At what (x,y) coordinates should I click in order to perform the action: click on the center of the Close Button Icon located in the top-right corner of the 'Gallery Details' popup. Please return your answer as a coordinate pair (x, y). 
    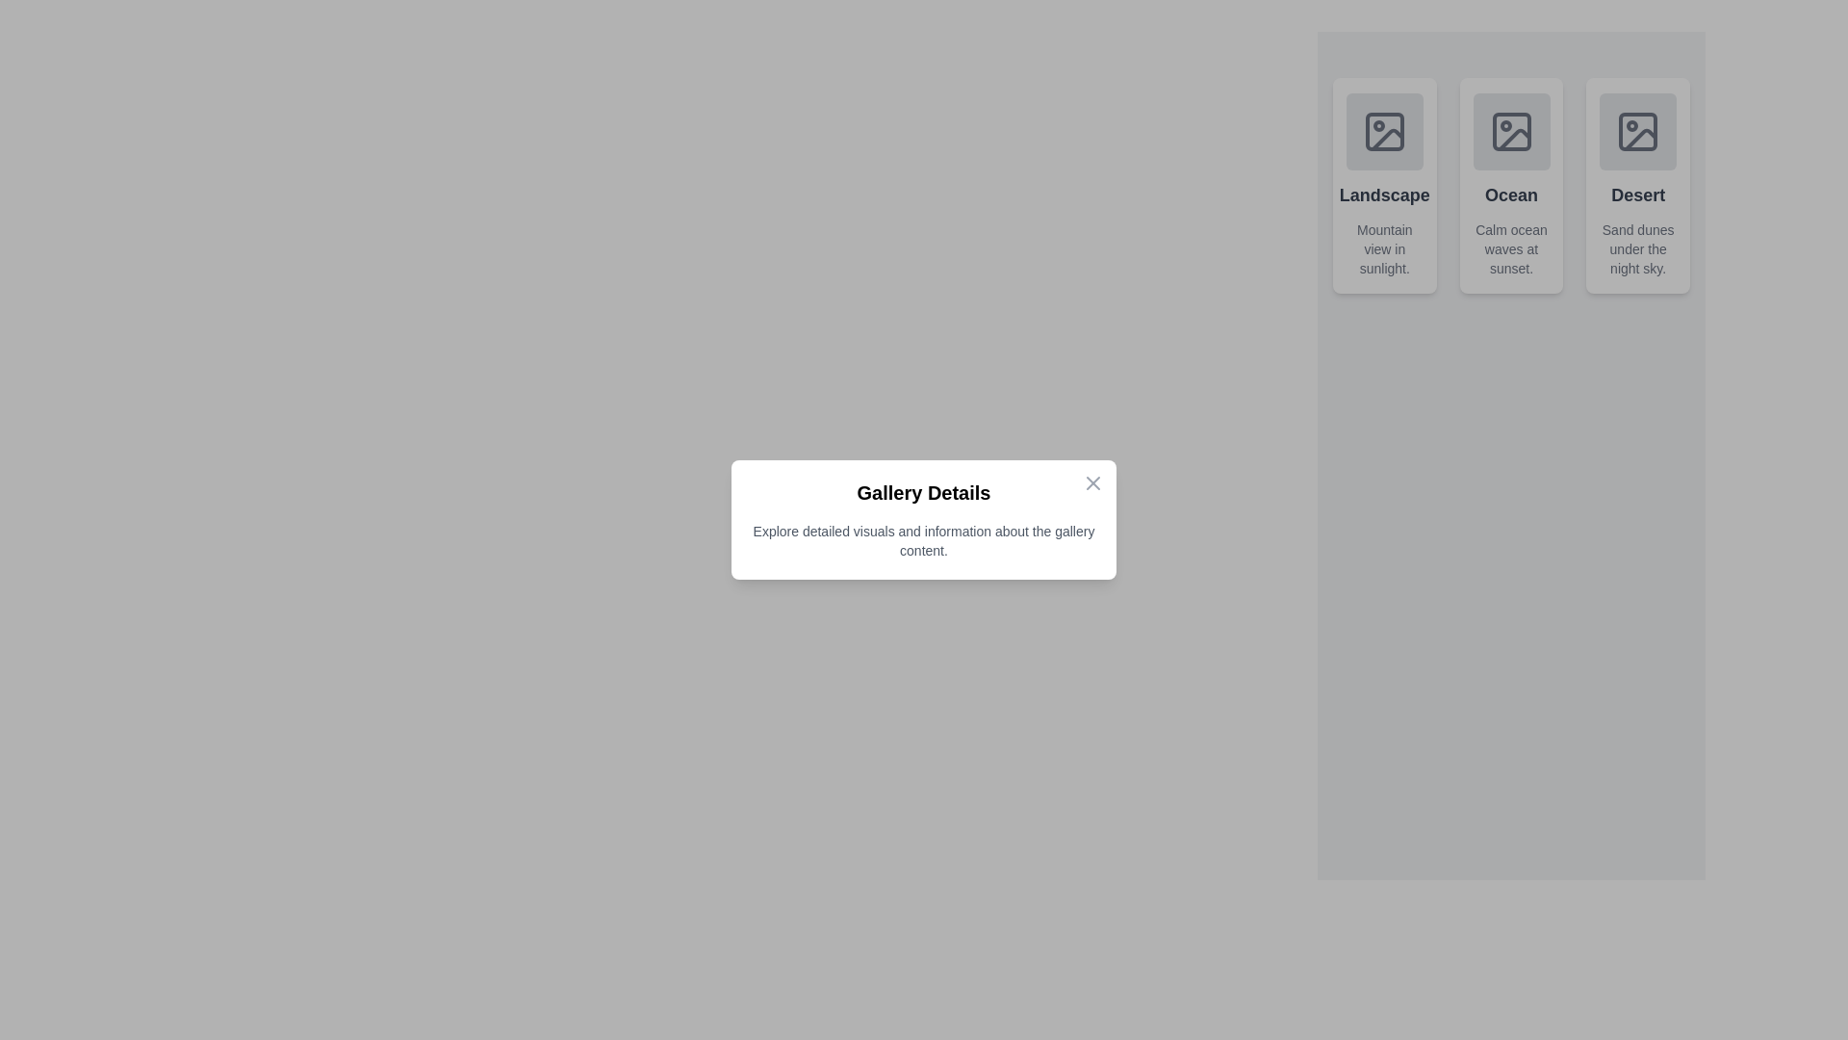
    Looking at the image, I should click on (1093, 481).